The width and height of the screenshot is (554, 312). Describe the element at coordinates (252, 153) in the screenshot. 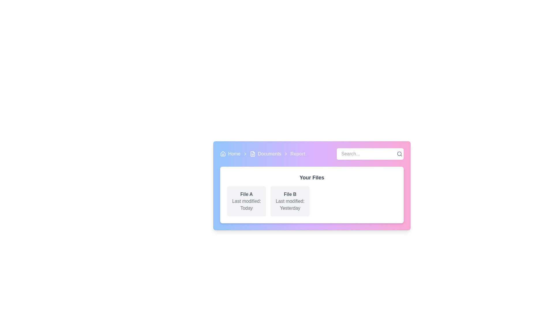

I see `the document icon located to the left of the breadcrumb item labeled 'Documents'` at that location.